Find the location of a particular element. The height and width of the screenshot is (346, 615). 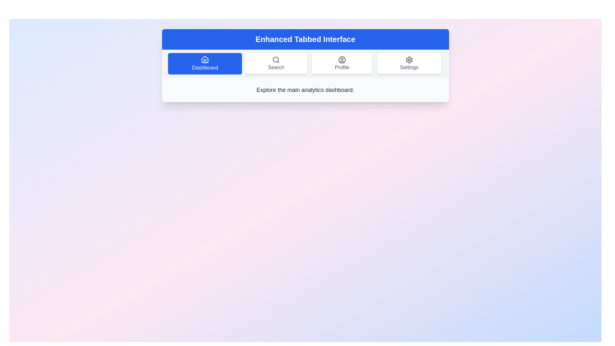

the gear icon located in the 'Settings' tab of the top navigation bar is located at coordinates (409, 60).